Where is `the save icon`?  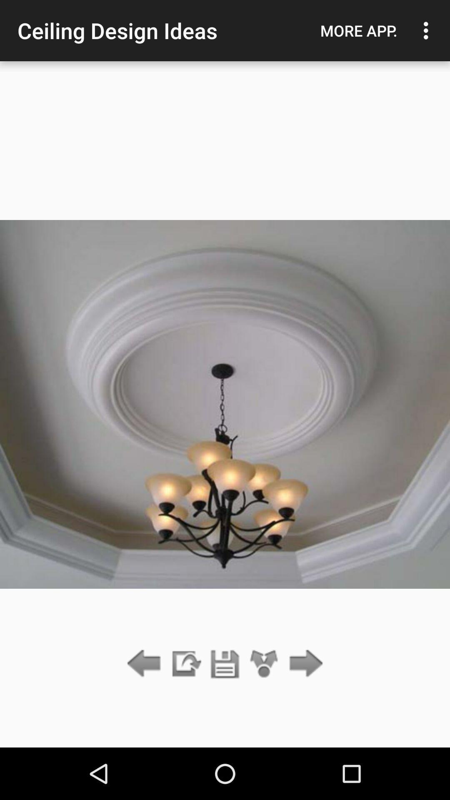 the save icon is located at coordinates (225, 664).